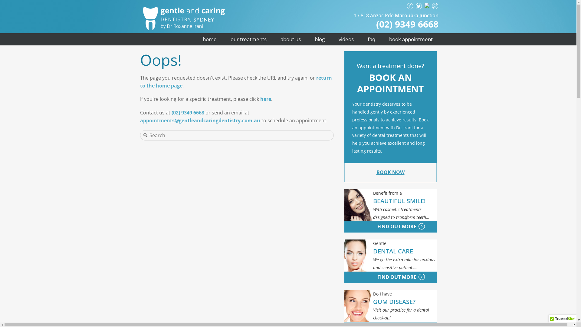  What do you see at coordinates (411, 39) in the screenshot?
I see `'book appointment'` at bounding box center [411, 39].